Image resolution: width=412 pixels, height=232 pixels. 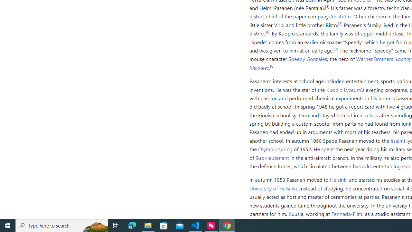 I want to click on 'University of Helsinki', so click(x=273, y=188).